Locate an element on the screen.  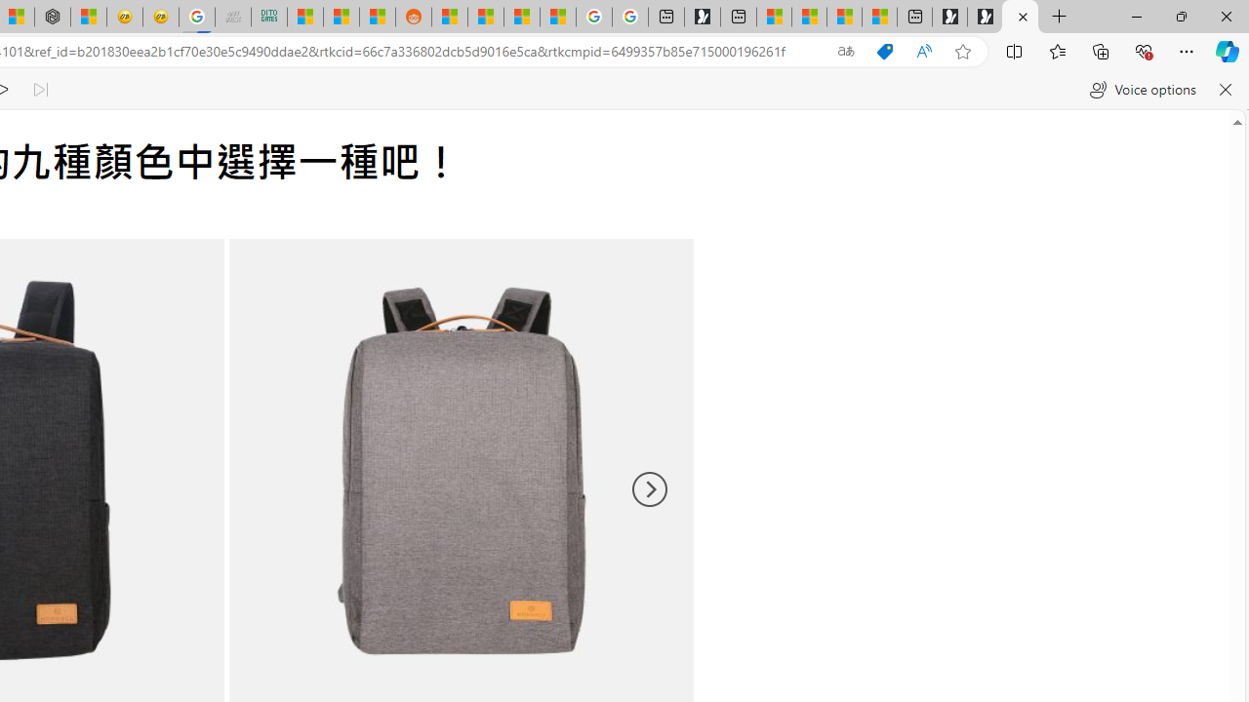
'Voice options' is located at coordinates (1143, 90).